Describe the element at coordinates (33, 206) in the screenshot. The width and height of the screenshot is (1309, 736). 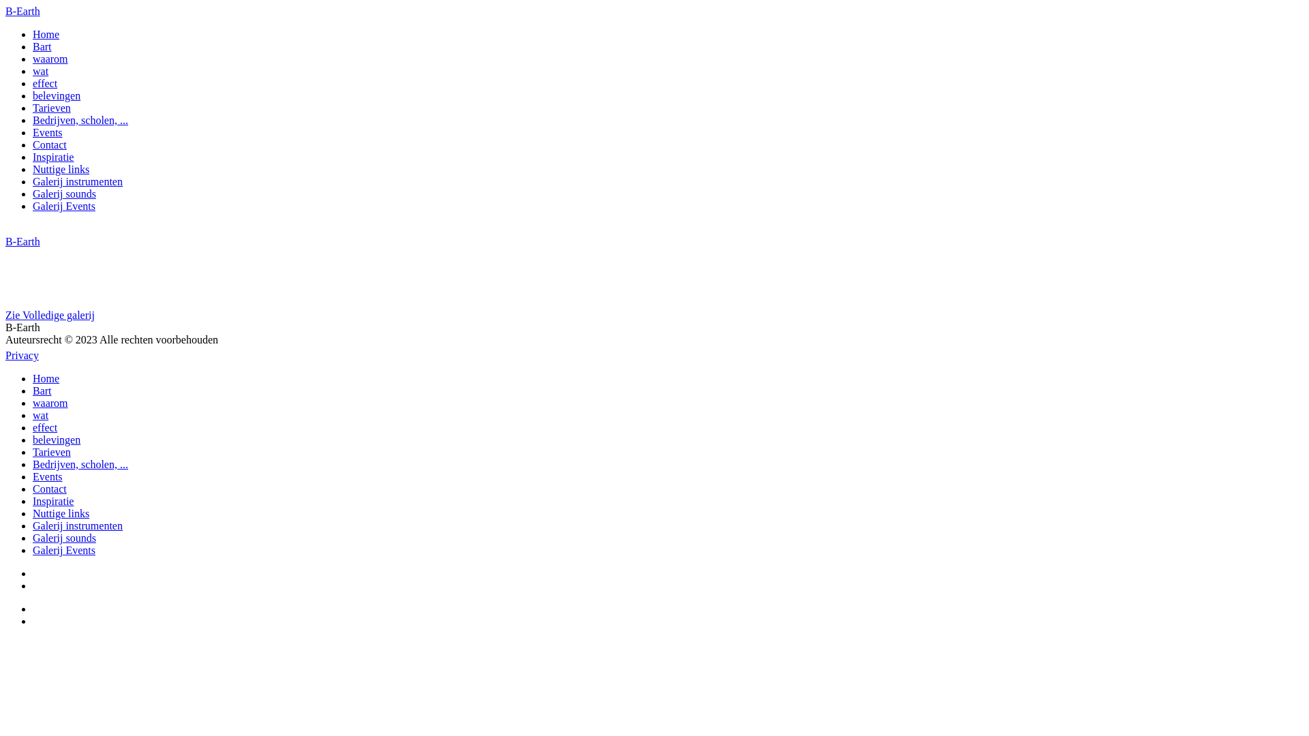
I see `'Galerij Events'` at that location.